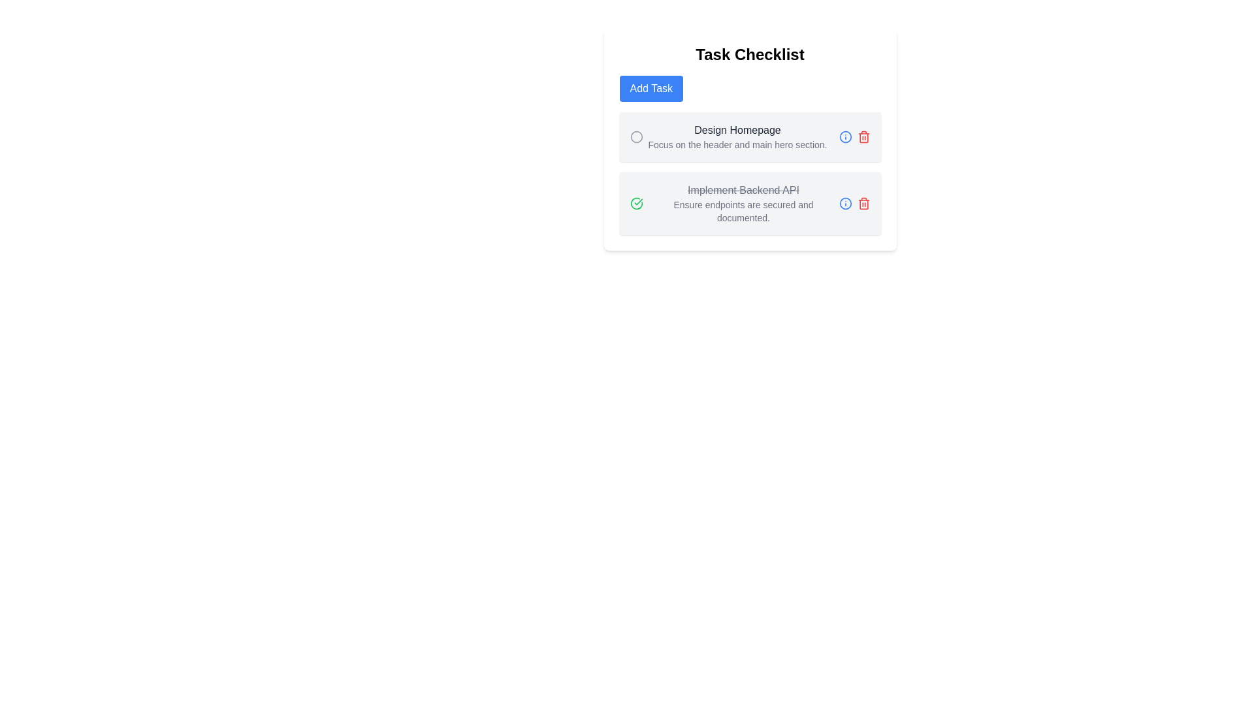 Image resolution: width=1254 pixels, height=705 pixels. I want to click on the interactive icon at the leftmost side of the task item labeled 'Design Homepage', so click(636, 136).